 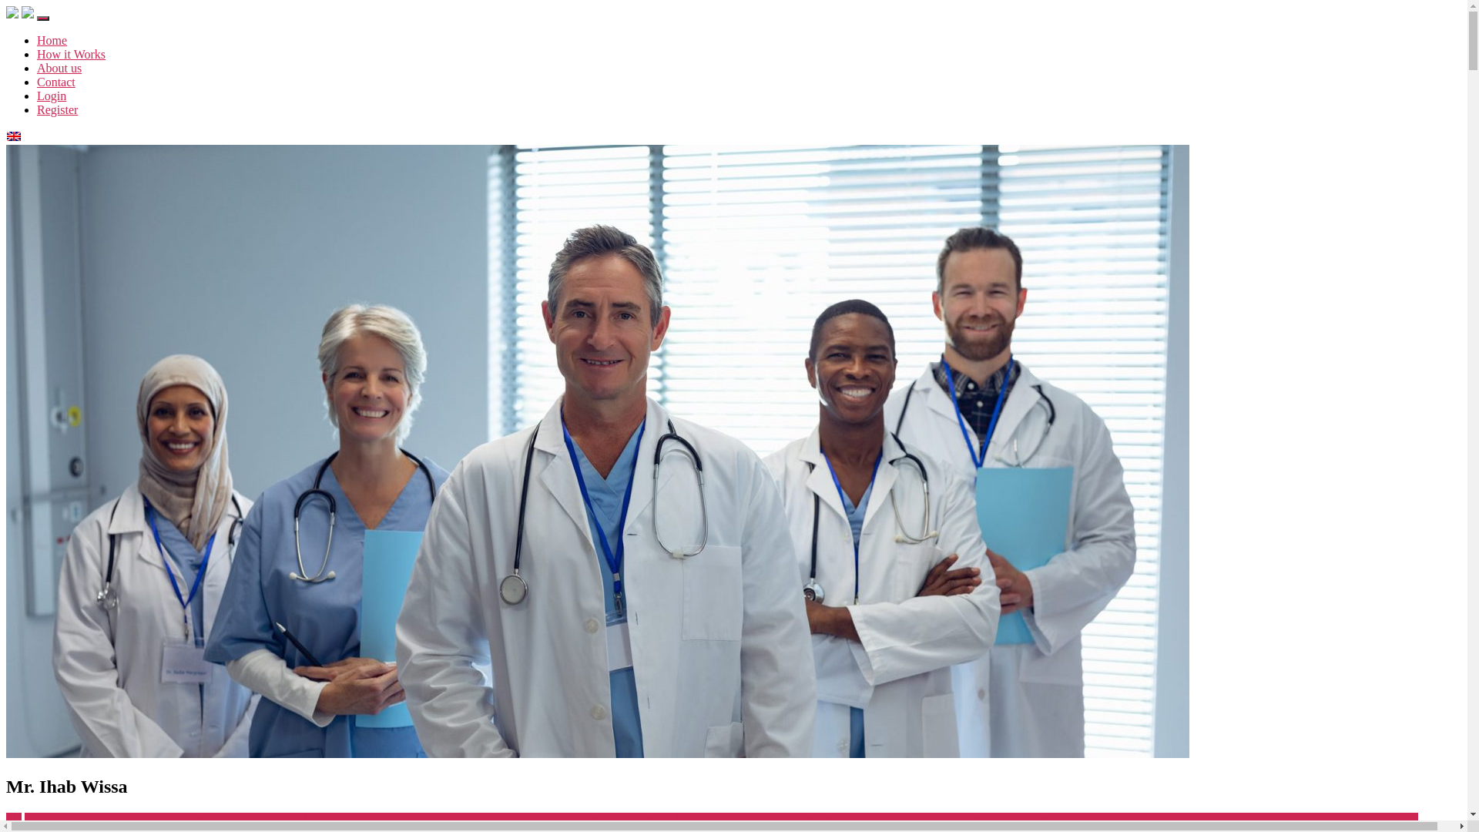 I want to click on 'How it Works', so click(x=70, y=53).